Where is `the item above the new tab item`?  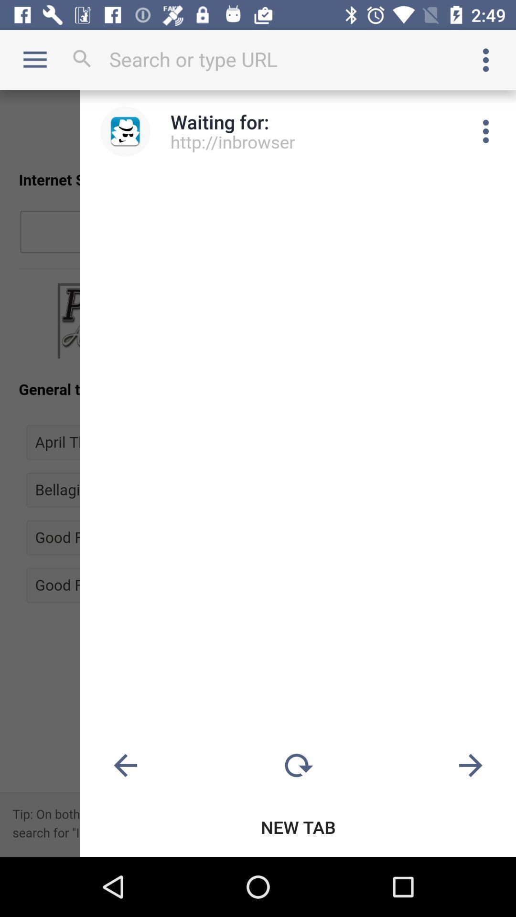
the item above the new tab item is located at coordinates (470, 766).